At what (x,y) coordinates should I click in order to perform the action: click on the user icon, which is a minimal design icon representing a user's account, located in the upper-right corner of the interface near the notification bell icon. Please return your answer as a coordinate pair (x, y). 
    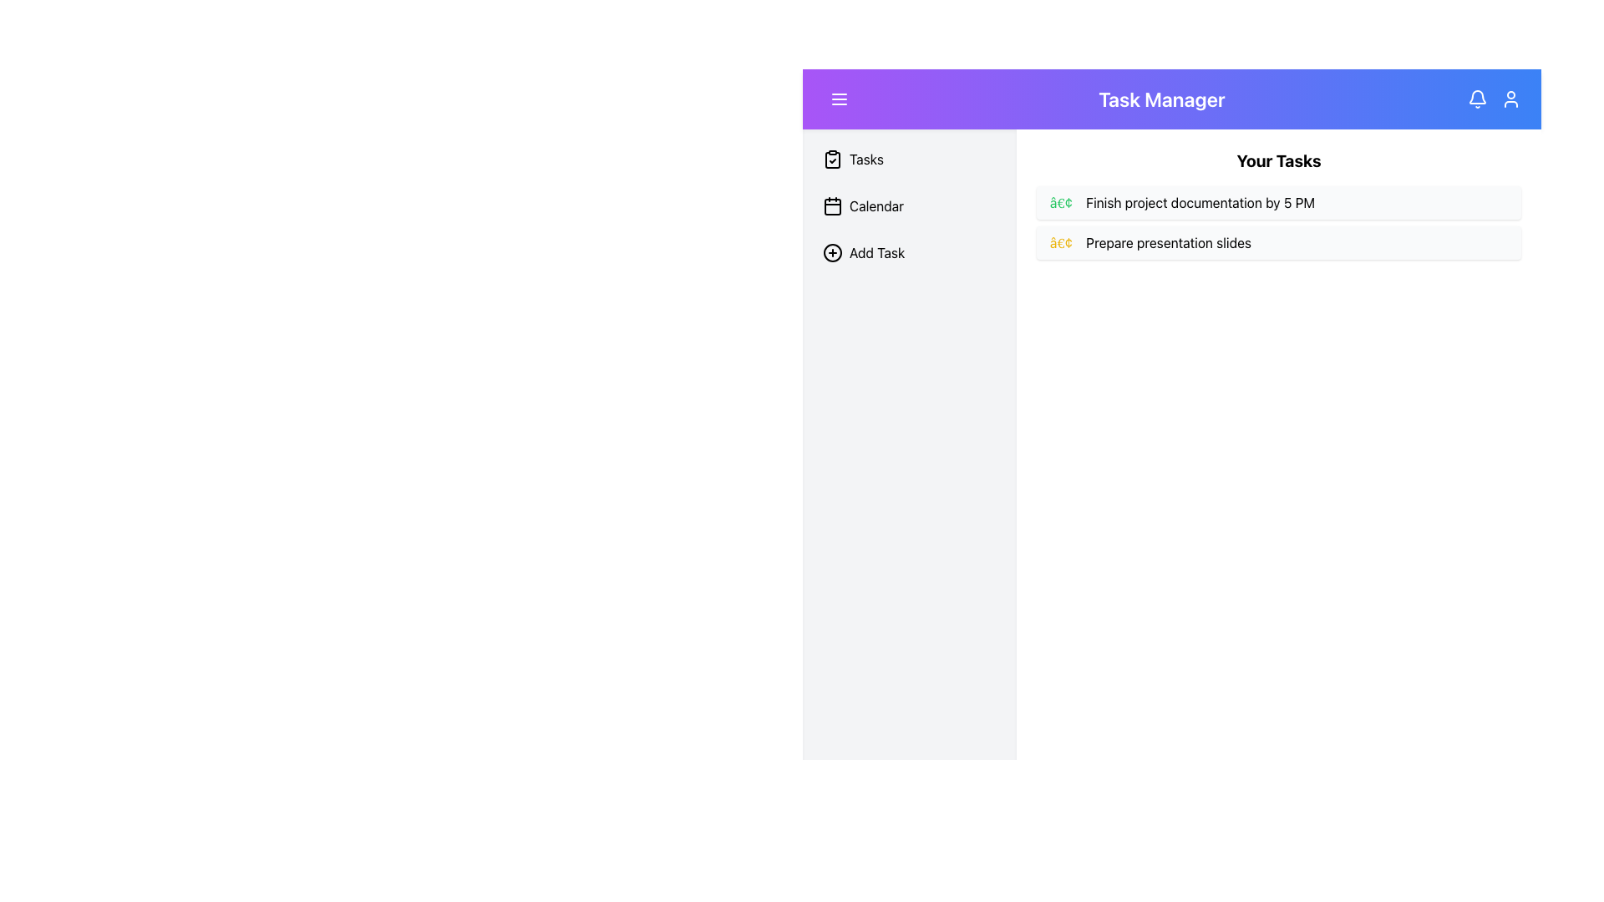
    Looking at the image, I should click on (1511, 99).